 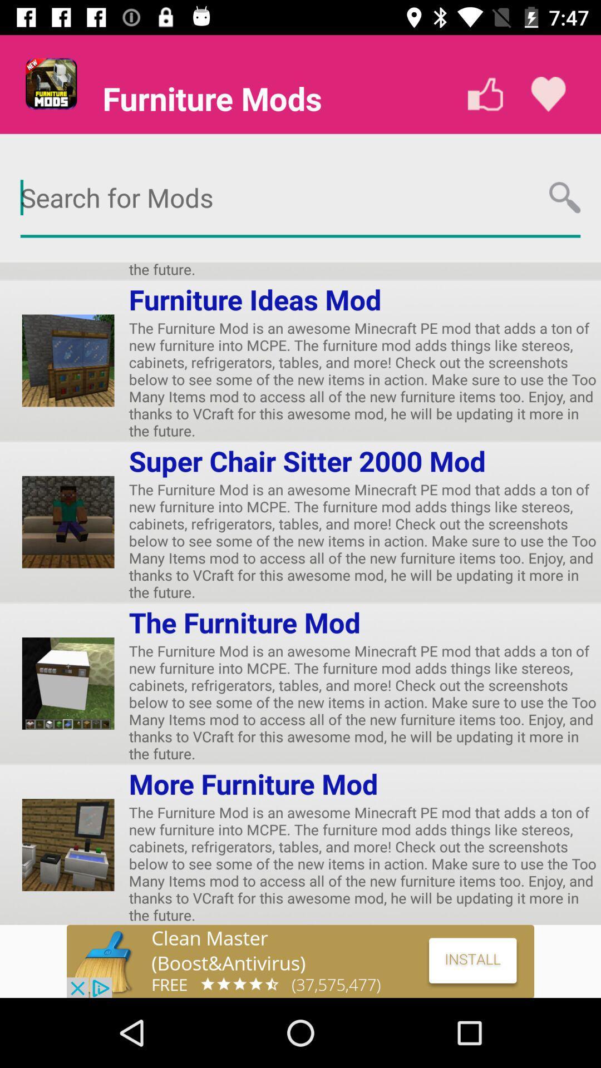 I want to click on open advertisement, so click(x=300, y=961).